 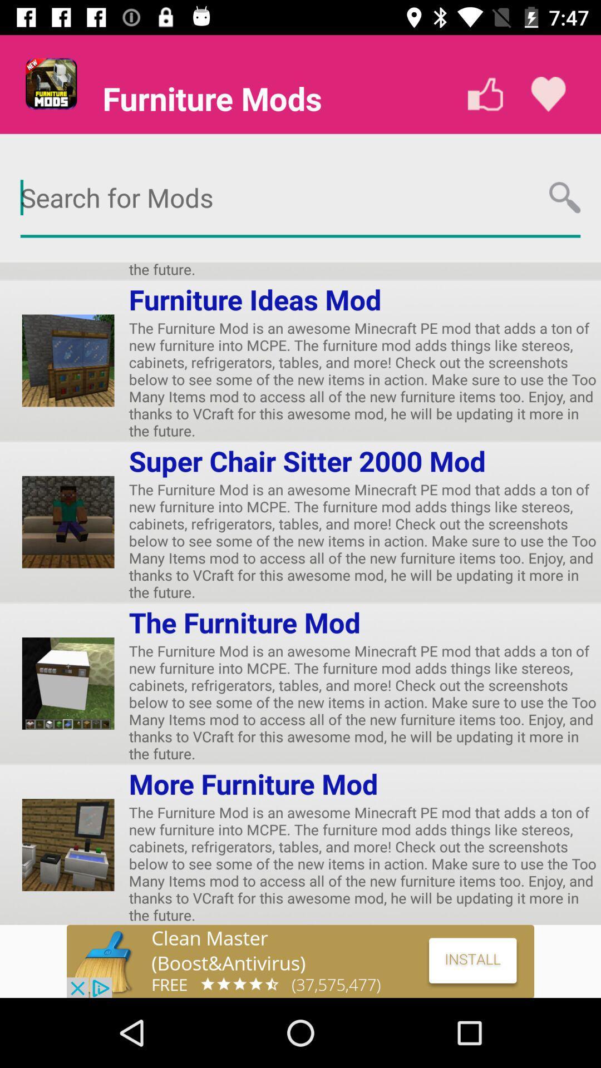 I want to click on open advertisement, so click(x=300, y=961).